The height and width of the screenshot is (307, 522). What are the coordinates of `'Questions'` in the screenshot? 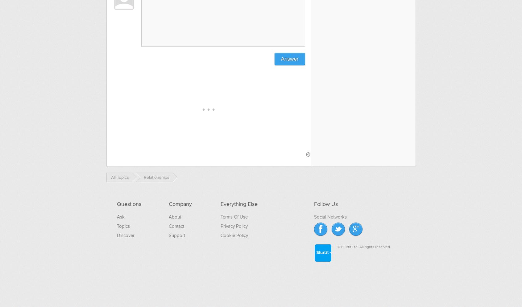 It's located at (116, 203).